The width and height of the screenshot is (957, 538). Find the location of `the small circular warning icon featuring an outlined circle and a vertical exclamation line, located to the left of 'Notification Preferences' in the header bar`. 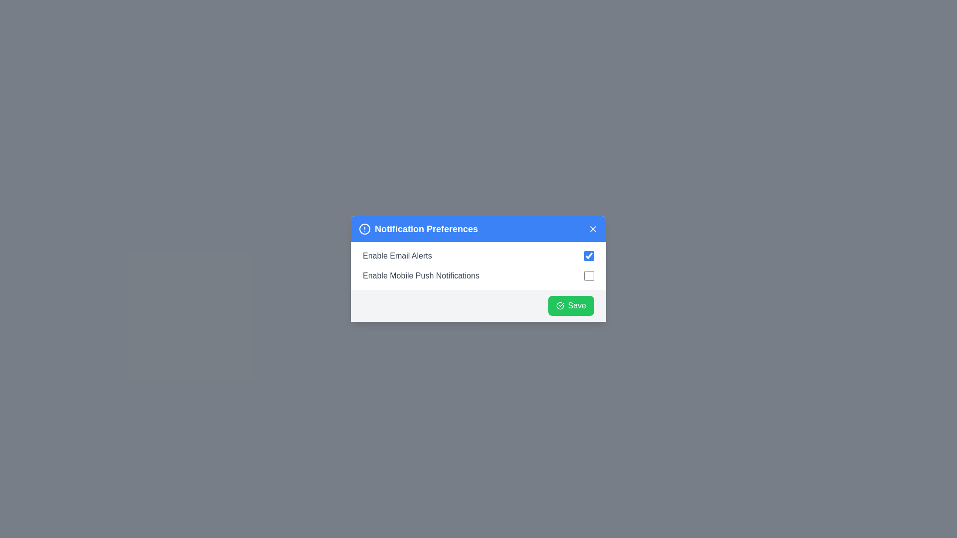

the small circular warning icon featuring an outlined circle and a vertical exclamation line, located to the left of 'Notification Preferences' in the header bar is located at coordinates (364, 229).